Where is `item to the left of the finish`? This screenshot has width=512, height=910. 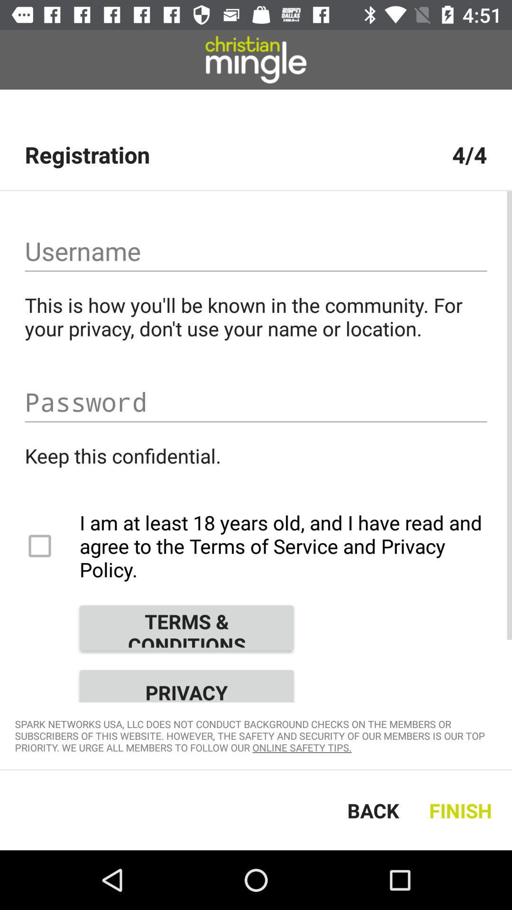 item to the left of the finish is located at coordinates (373, 810).